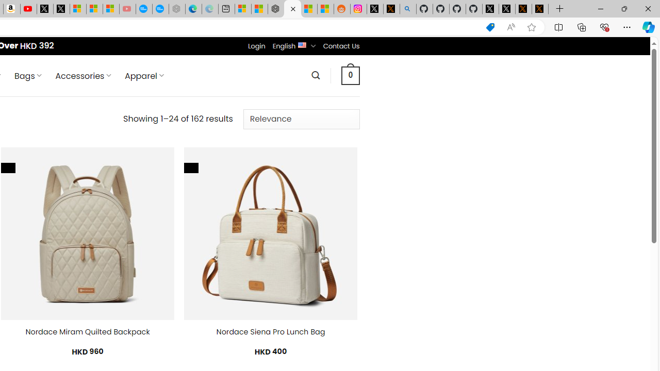  What do you see at coordinates (302, 44) in the screenshot?
I see `'English'` at bounding box center [302, 44].